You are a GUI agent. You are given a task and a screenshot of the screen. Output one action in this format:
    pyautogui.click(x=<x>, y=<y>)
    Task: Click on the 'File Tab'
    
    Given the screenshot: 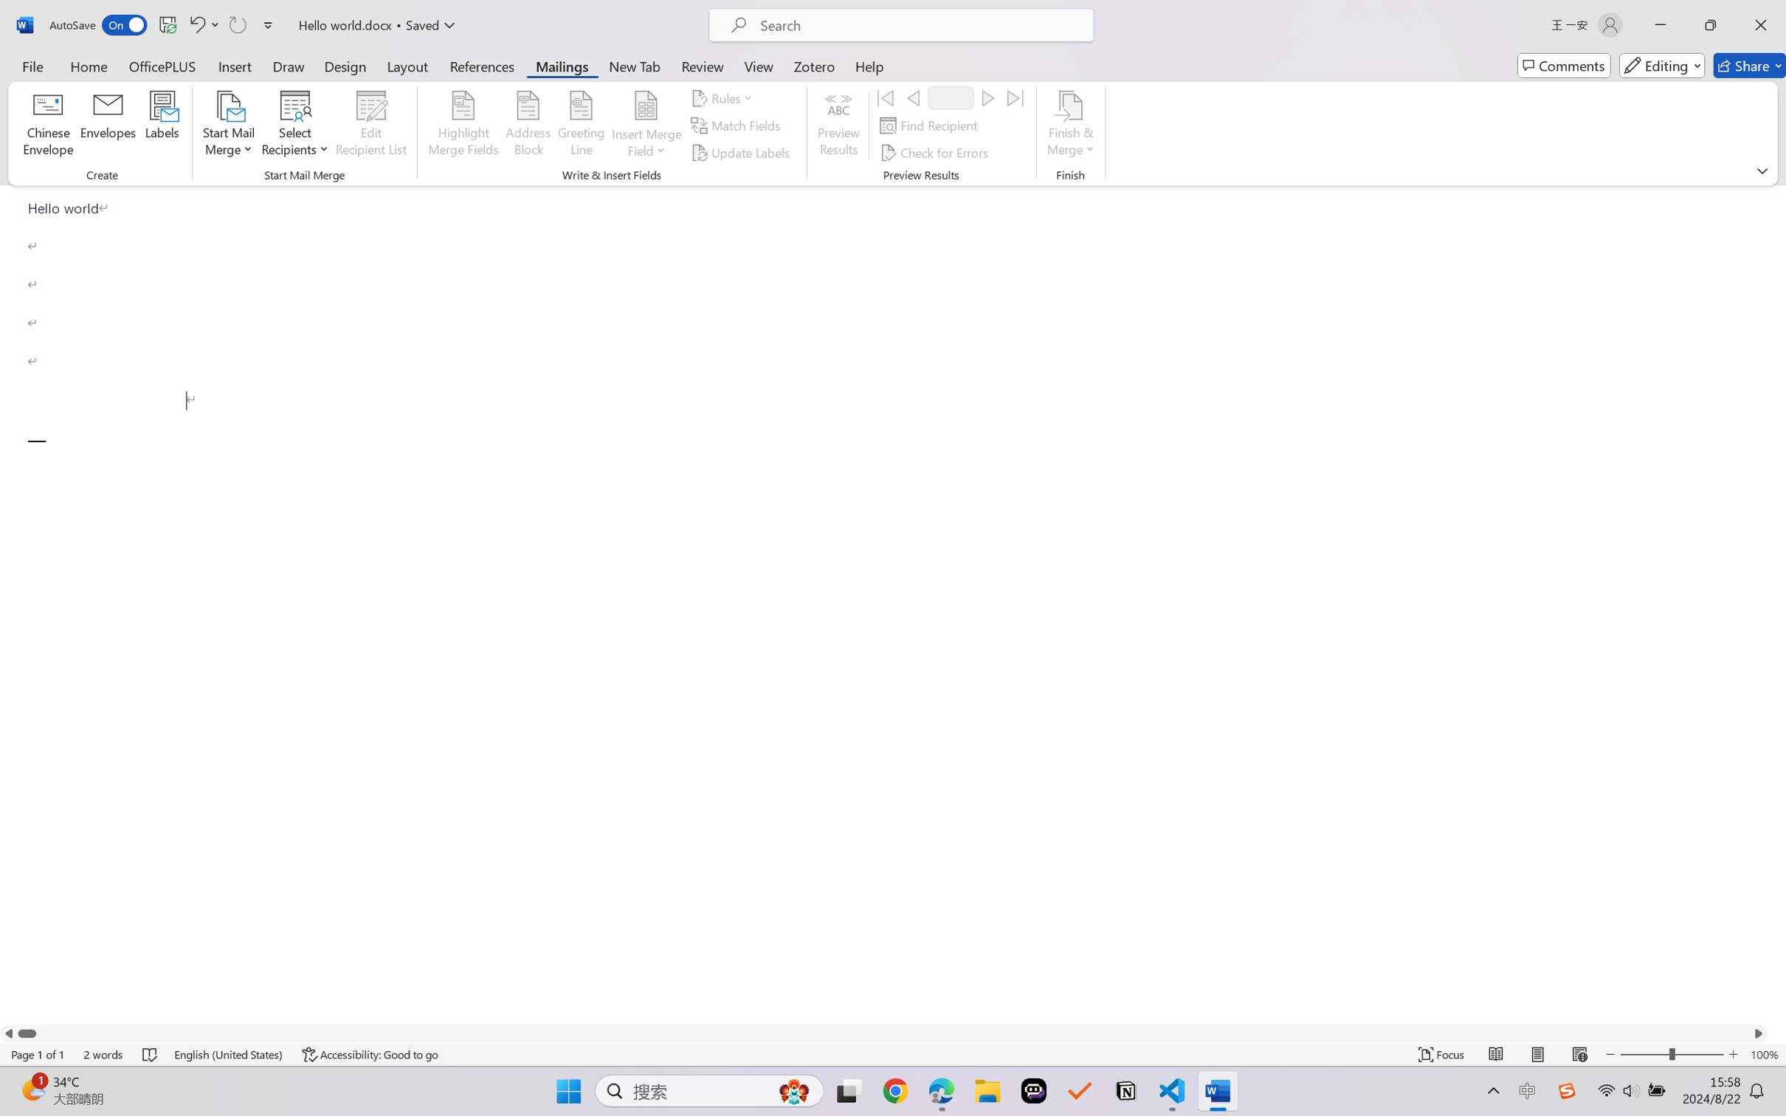 What is the action you would take?
    pyautogui.click(x=32, y=65)
    